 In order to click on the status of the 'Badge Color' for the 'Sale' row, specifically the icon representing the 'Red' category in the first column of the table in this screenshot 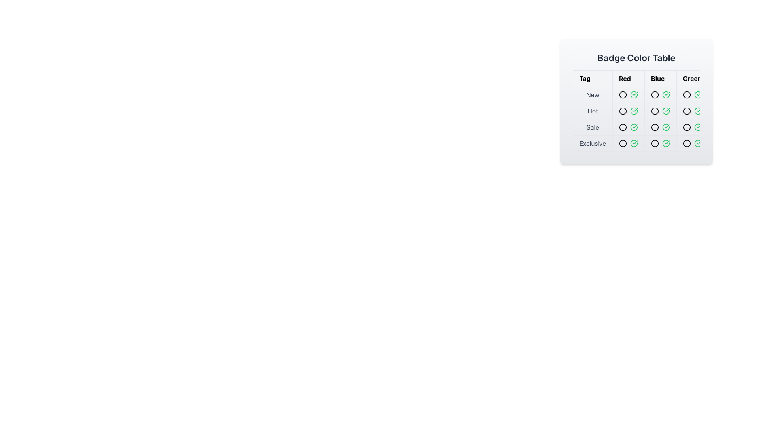, I will do `click(628, 127)`.